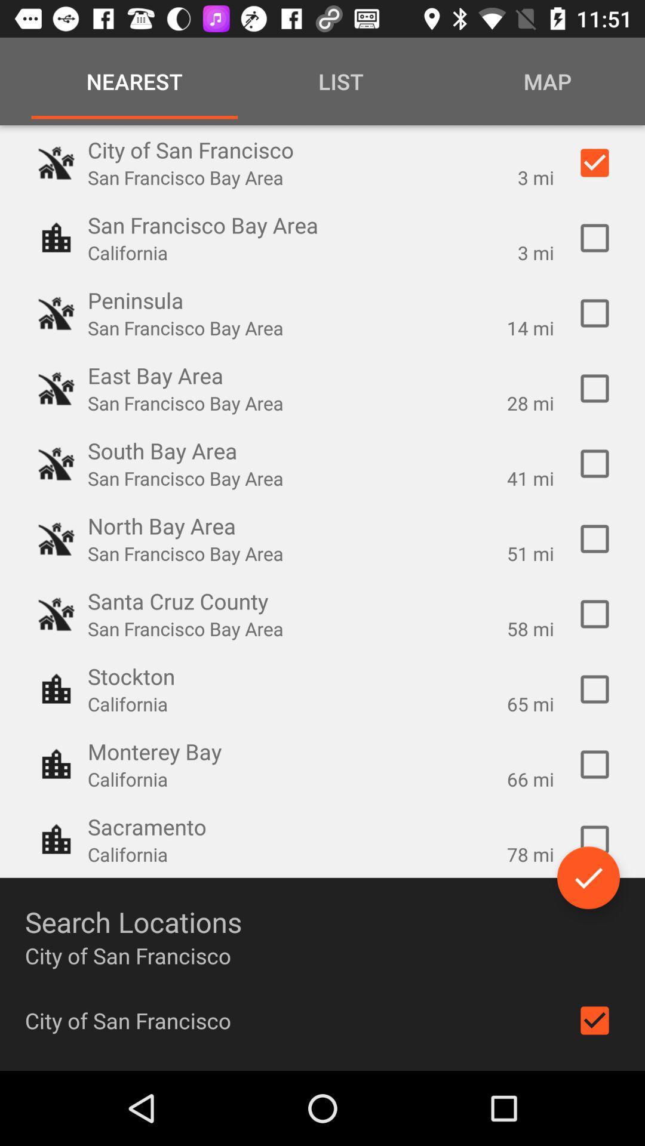 The height and width of the screenshot is (1146, 645). Describe the element at coordinates (594, 389) in the screenshot. I see `east bay area` at that location.